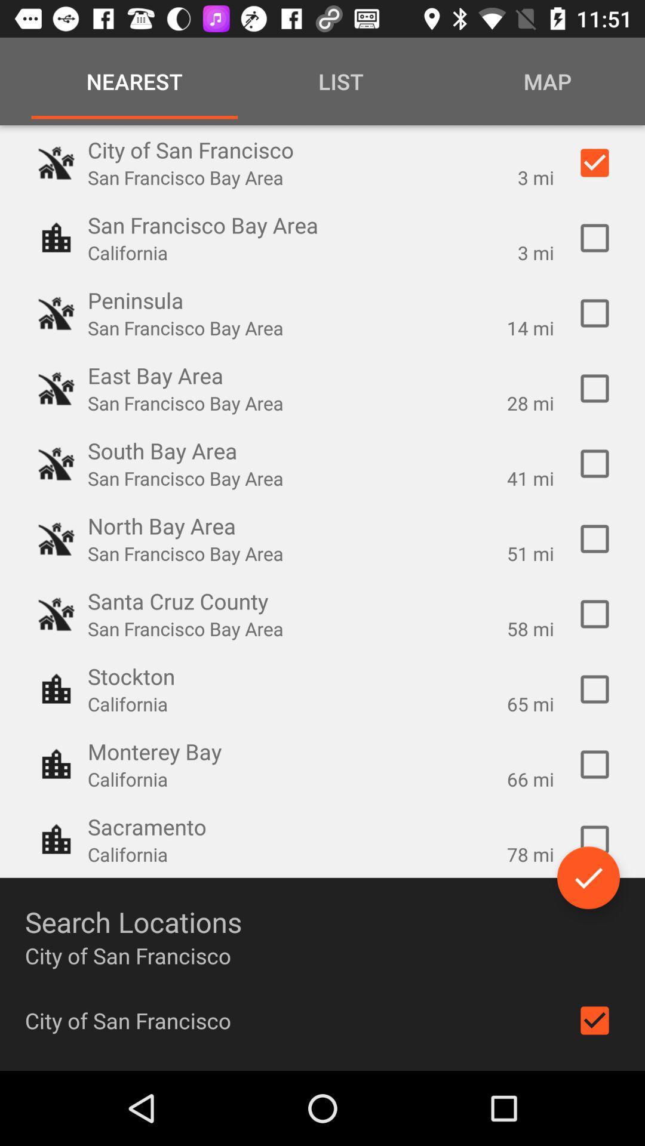 The height and width of the screenshot is (1146, 645). Describe the element at coordinates (594, 389) in the screenshot. I see `east bay area` at that location.